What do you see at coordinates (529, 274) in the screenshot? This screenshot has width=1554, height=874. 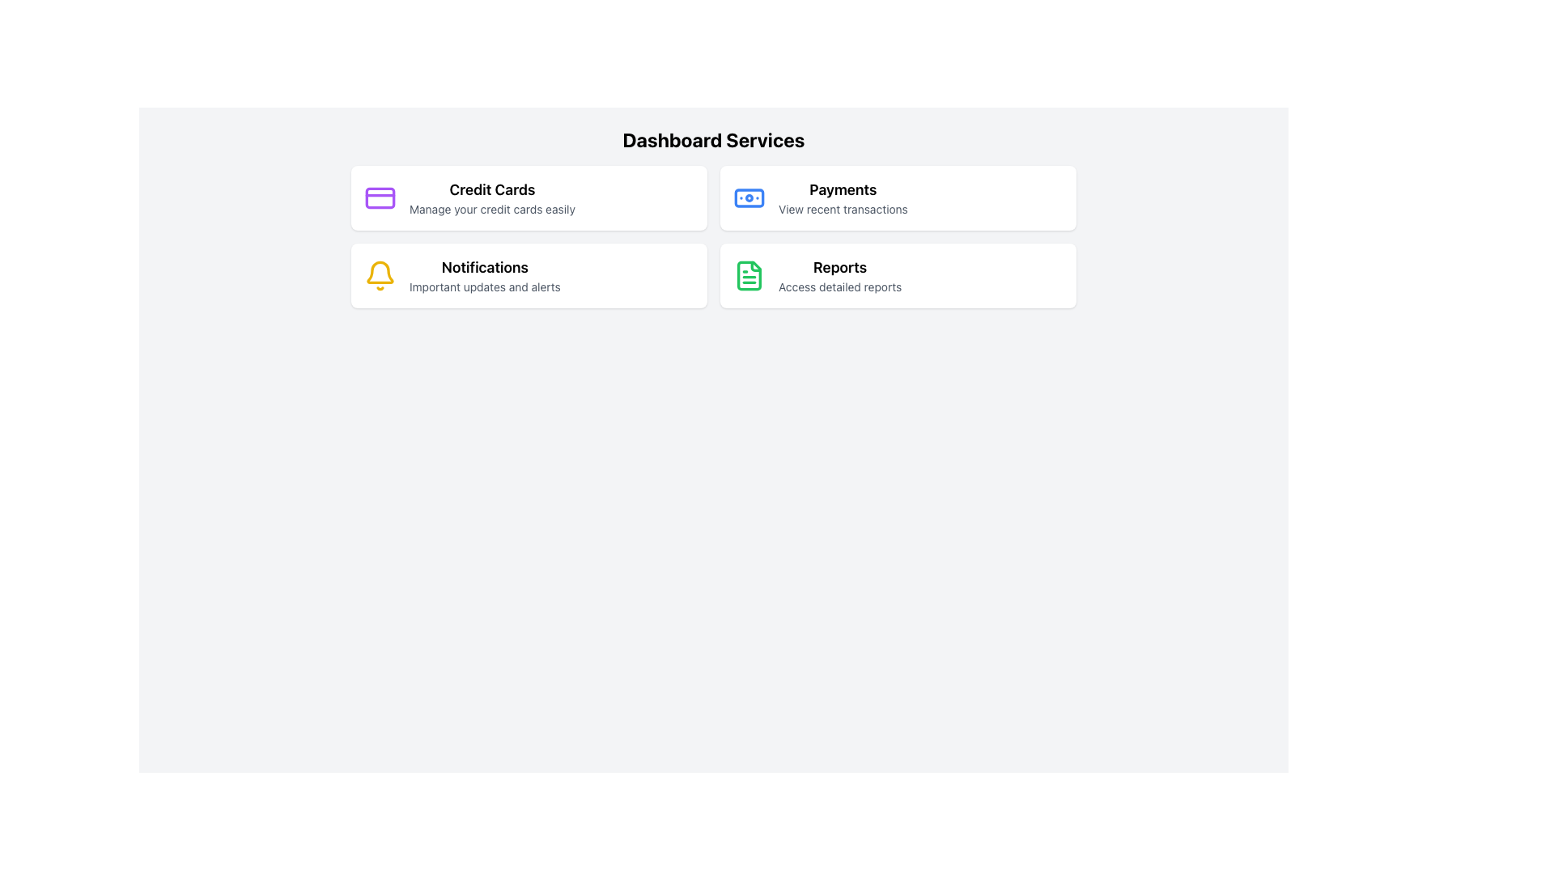 I see `the Information Card located in the lower left portion of the grid layout, which is directly below the 'Credit Cards' section and adjacent to the 'Reports' section` at bounding box center [529, 274].